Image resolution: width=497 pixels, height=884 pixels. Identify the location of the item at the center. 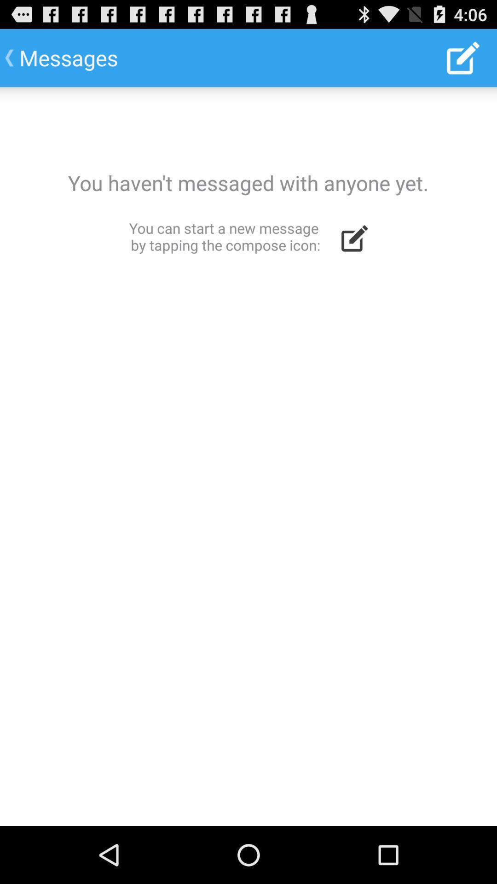
(248, 456).